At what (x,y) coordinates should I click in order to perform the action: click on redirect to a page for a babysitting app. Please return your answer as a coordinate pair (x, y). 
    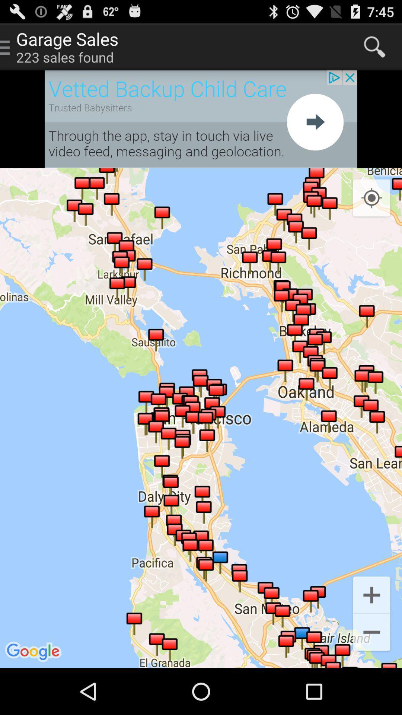
    Looking at the image, I should click on (201, 119).